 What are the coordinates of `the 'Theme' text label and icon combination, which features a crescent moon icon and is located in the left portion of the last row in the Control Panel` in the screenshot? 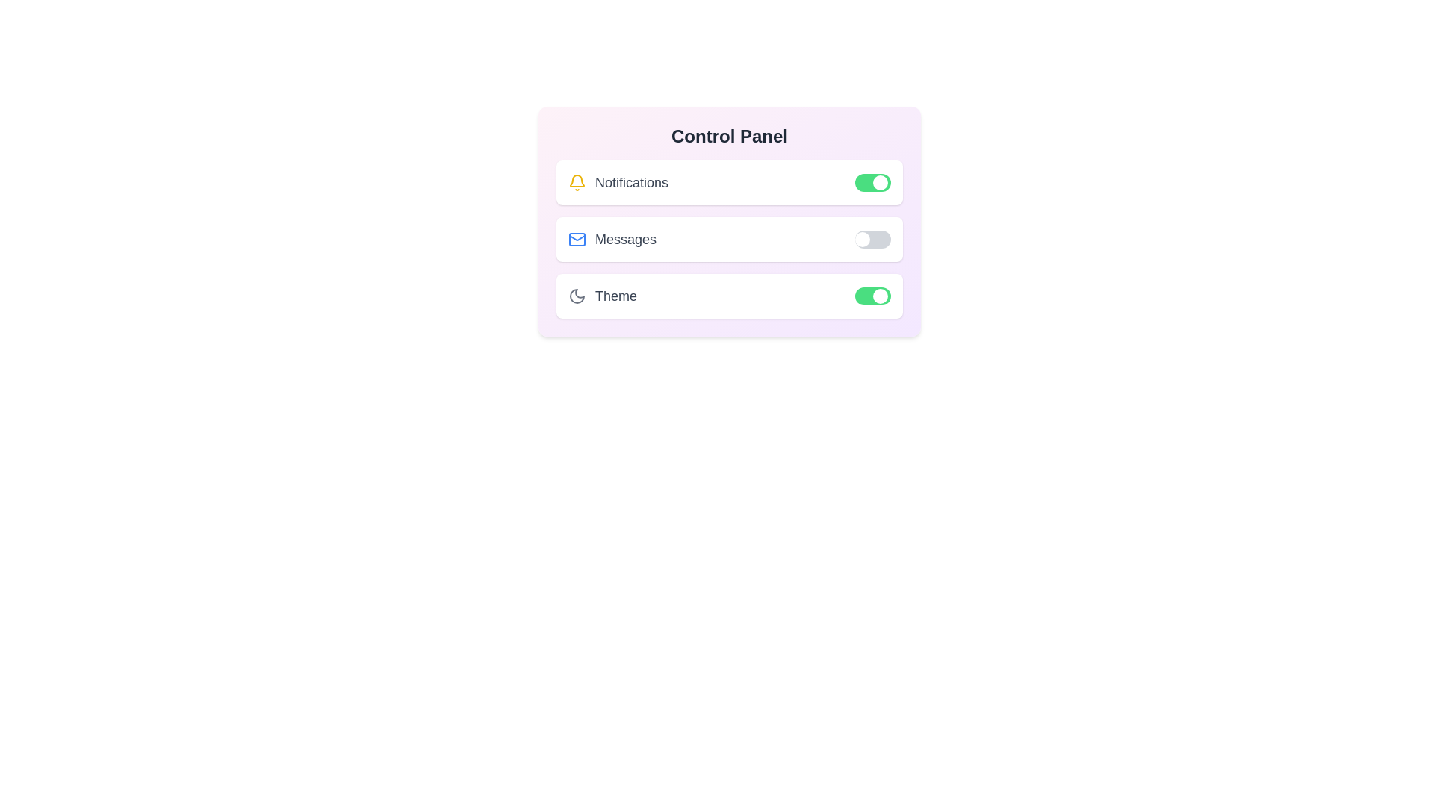 It's located at (602, 296).